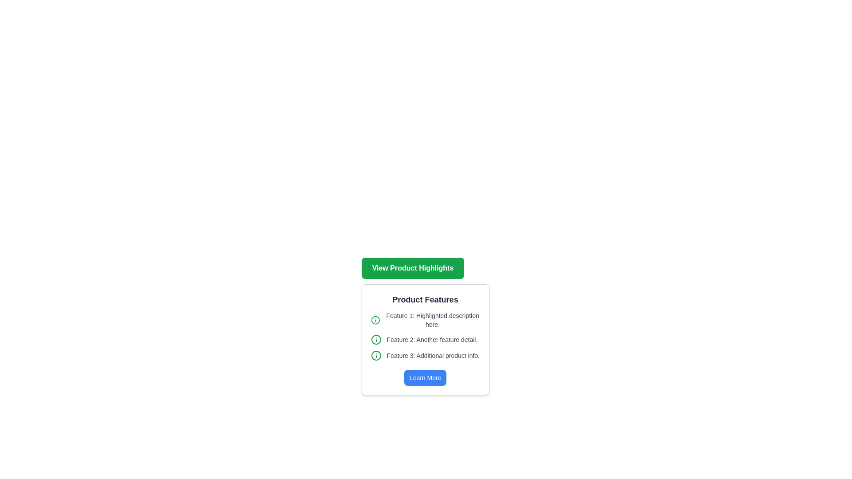  Describe the element at coordinates (432, 339) in the screenshot. I see `text content of the second feature label, which displays 'Feature 2: Another feature detail.' in a small, gray, sans-serif font, located in the 'Product Features' card` at that location.